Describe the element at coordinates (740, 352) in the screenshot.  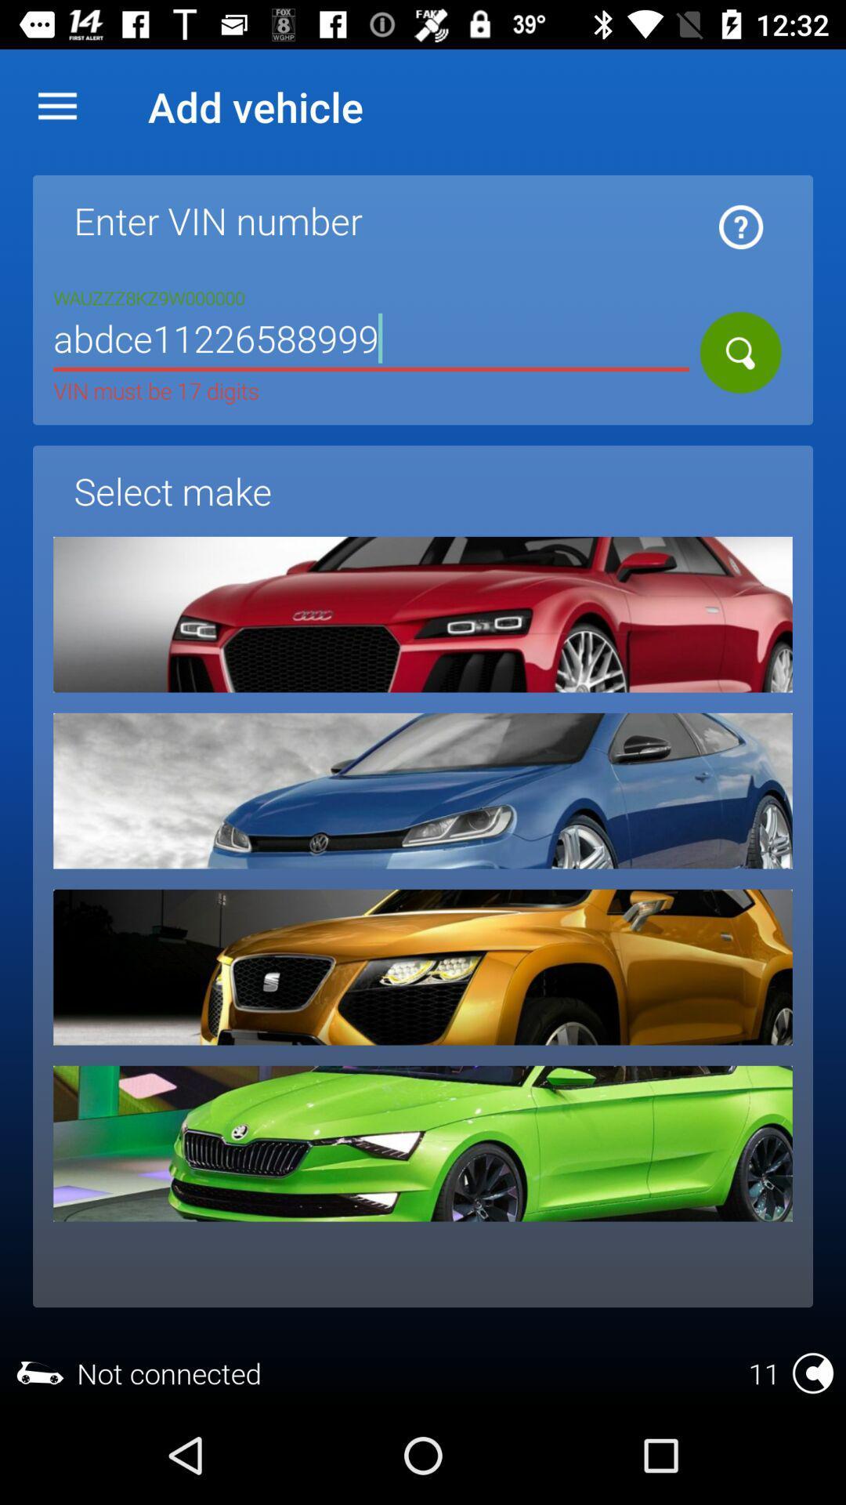
I see `make the search icon the same one as the white` at that location.